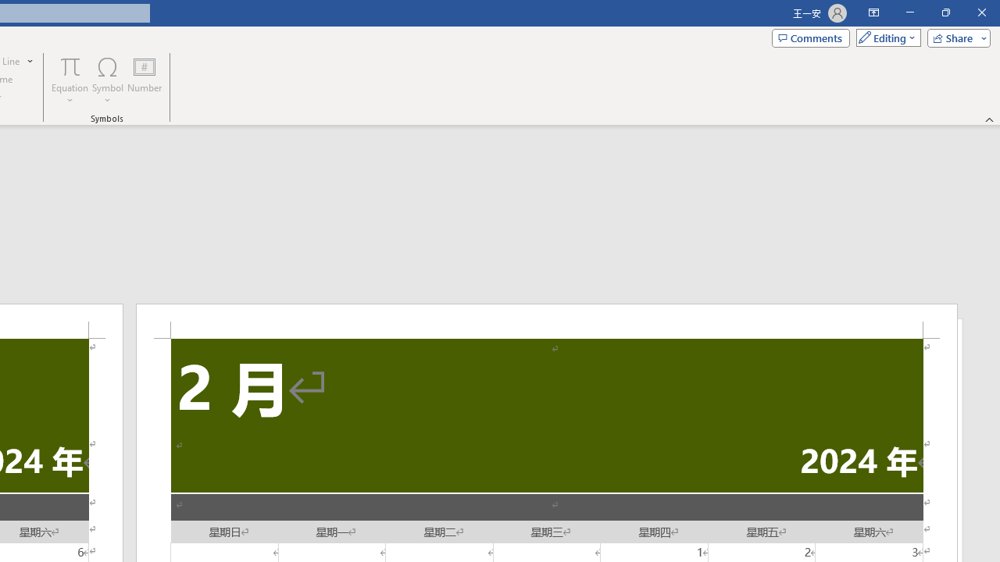 This screenshot has height=562, width=1000. Describe the element at coordinates (945, 12) in the screenshot. I see `'Restore Down'` at that location.